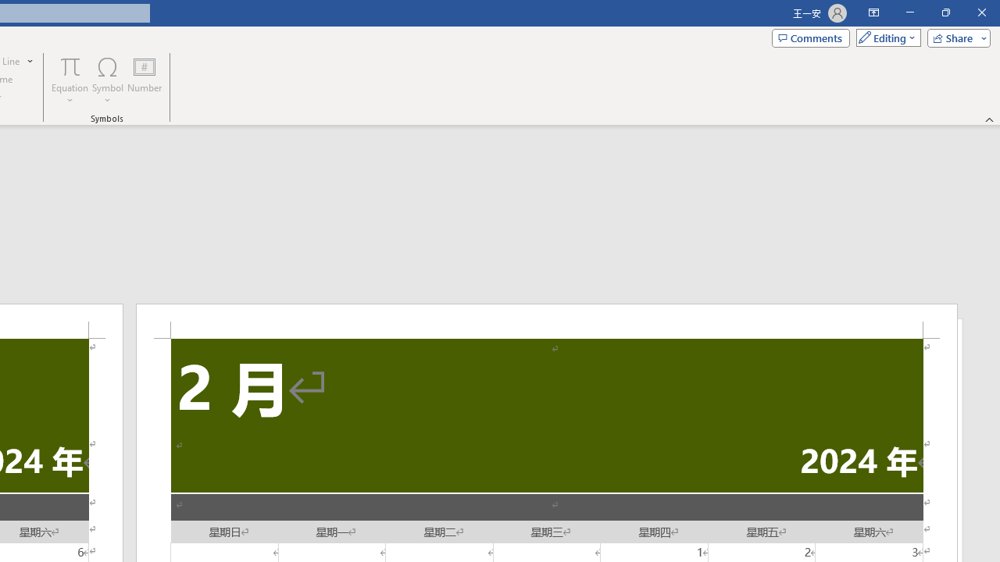 This screenshot has height=562, width=1000. Describe the element at coordinates (945, 12) in the screenshot. I see `'Restore Down'` at that location.